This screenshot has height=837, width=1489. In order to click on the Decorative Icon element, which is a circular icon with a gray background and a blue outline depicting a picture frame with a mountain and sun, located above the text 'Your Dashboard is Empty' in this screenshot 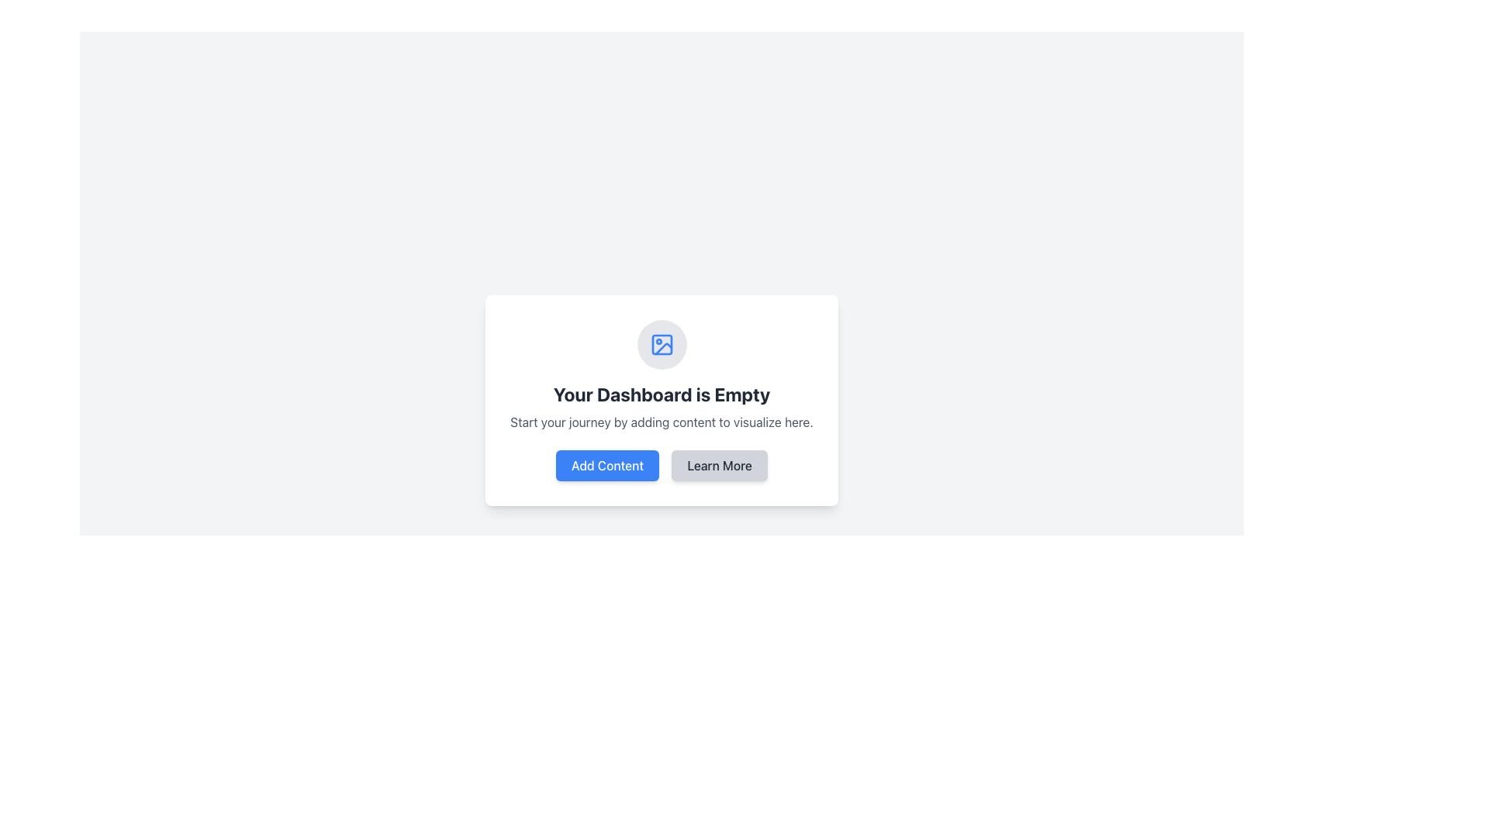, I will do `click(662, 343)`.